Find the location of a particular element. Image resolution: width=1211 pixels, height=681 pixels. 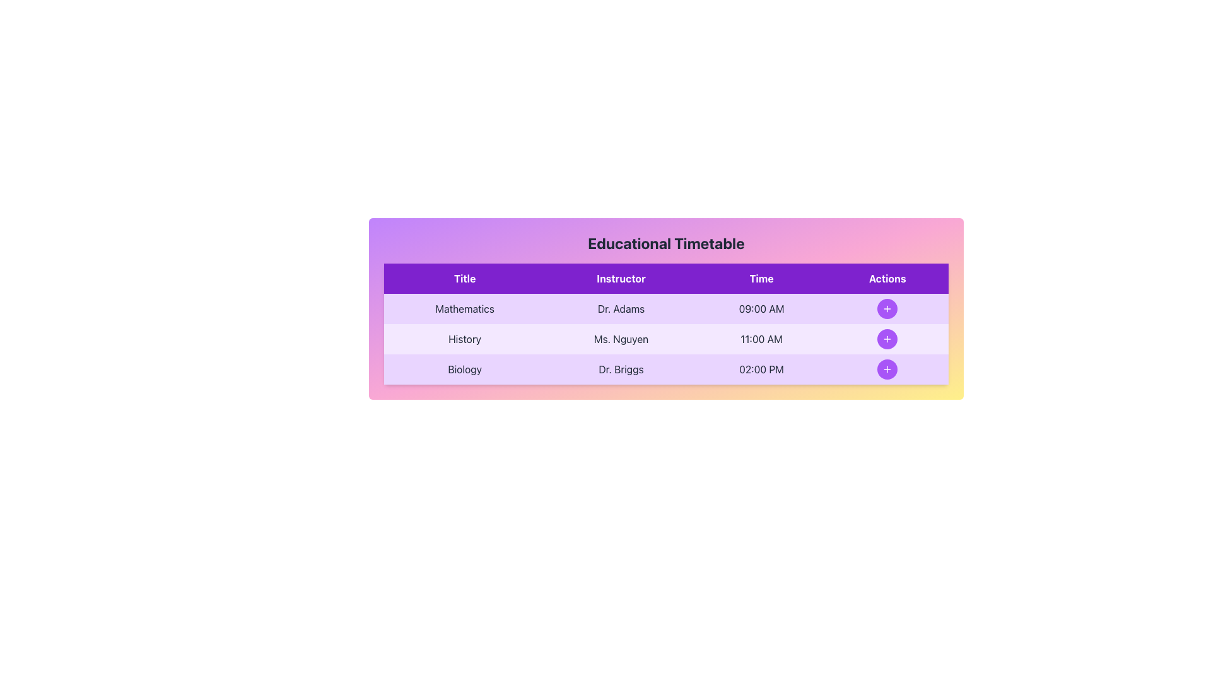

the header label for the instructors column located between the 'Title' and 'Time' columns in the timetable layout is located at coordinates (621, 278).